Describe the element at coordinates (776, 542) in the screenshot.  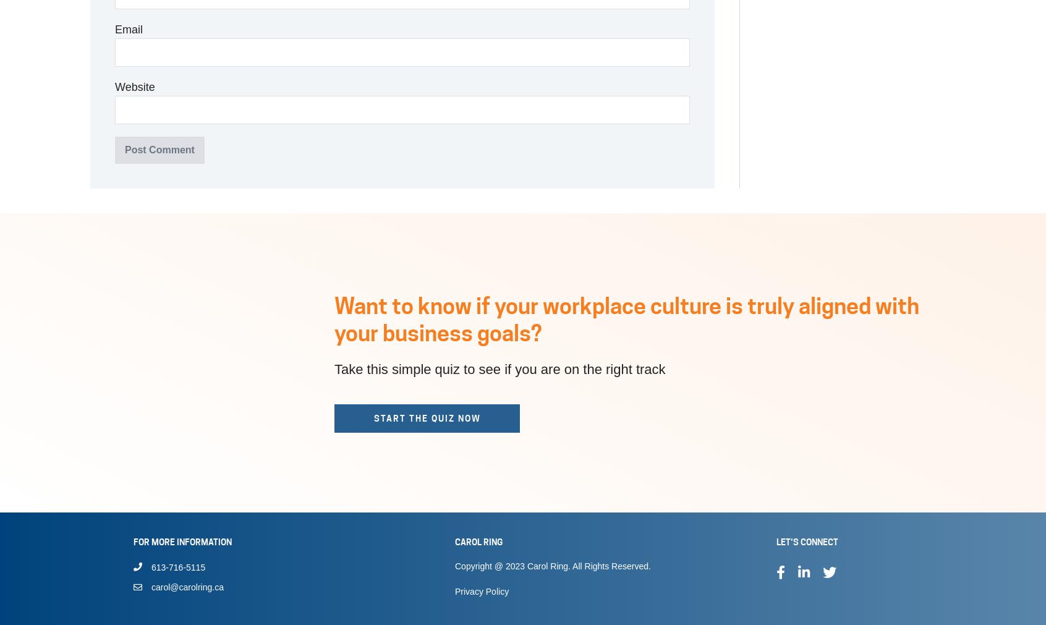
I see `'Let's Connect'` at that location.